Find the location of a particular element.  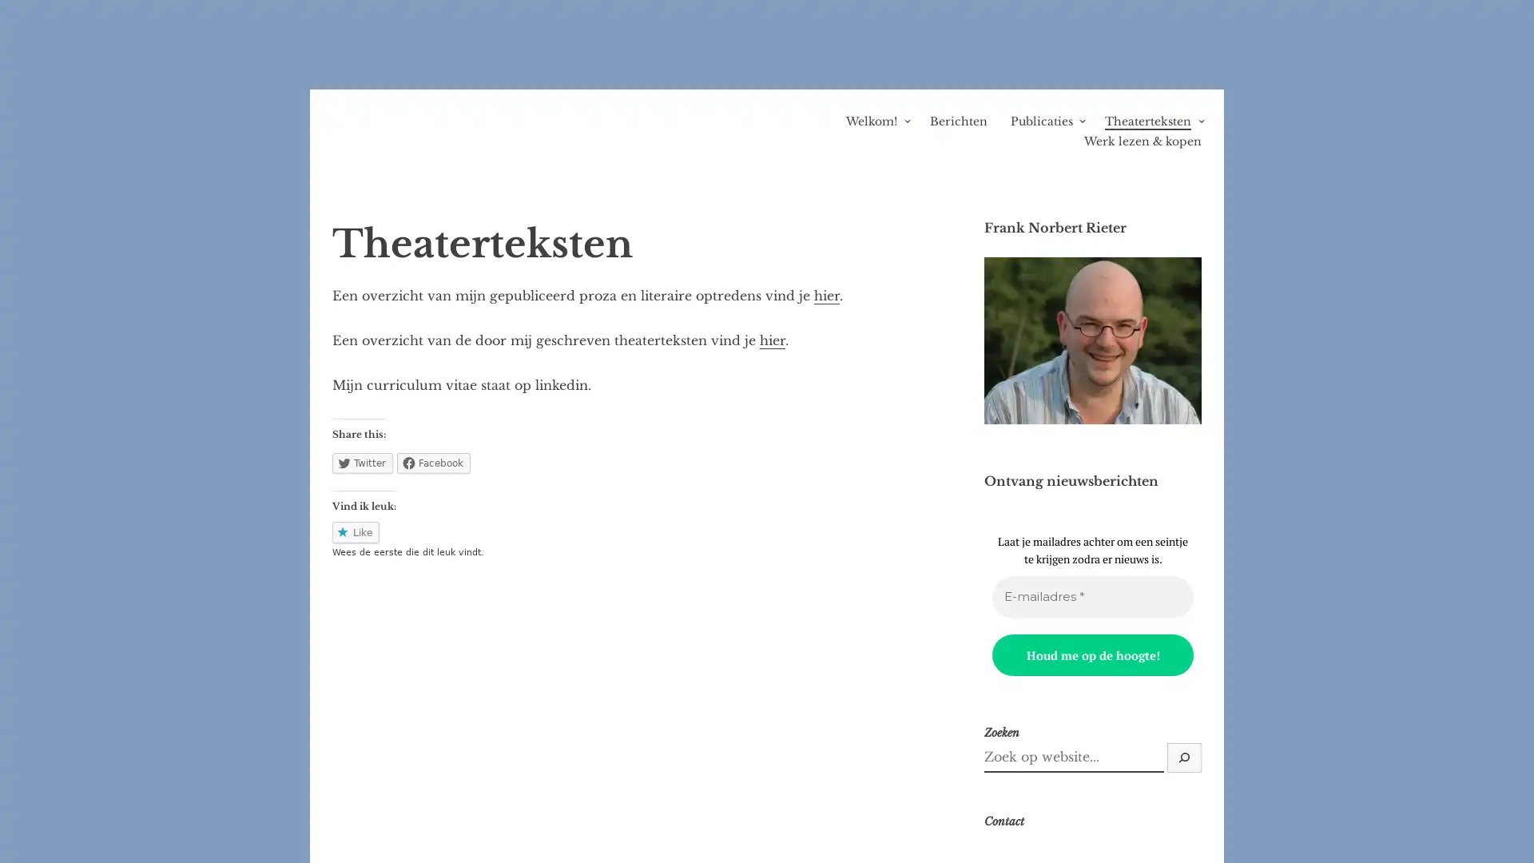

Zoek is located at coordinates (1184, 756).